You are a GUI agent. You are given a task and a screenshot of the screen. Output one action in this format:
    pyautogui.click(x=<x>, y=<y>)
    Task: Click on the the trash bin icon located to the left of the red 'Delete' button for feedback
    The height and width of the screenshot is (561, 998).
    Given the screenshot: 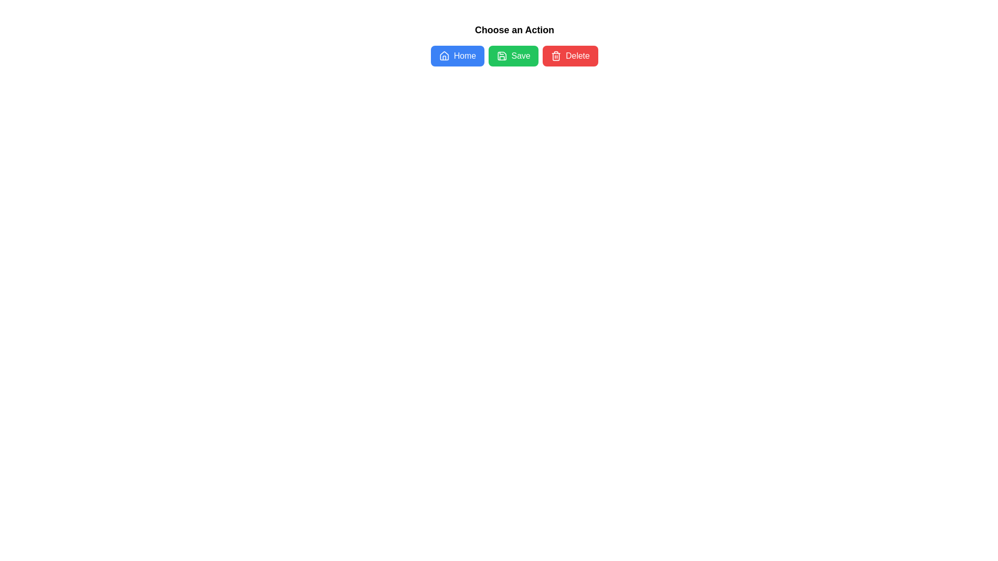 What is the action you would take?
    pyautogui.click(x=556, y=56)
    